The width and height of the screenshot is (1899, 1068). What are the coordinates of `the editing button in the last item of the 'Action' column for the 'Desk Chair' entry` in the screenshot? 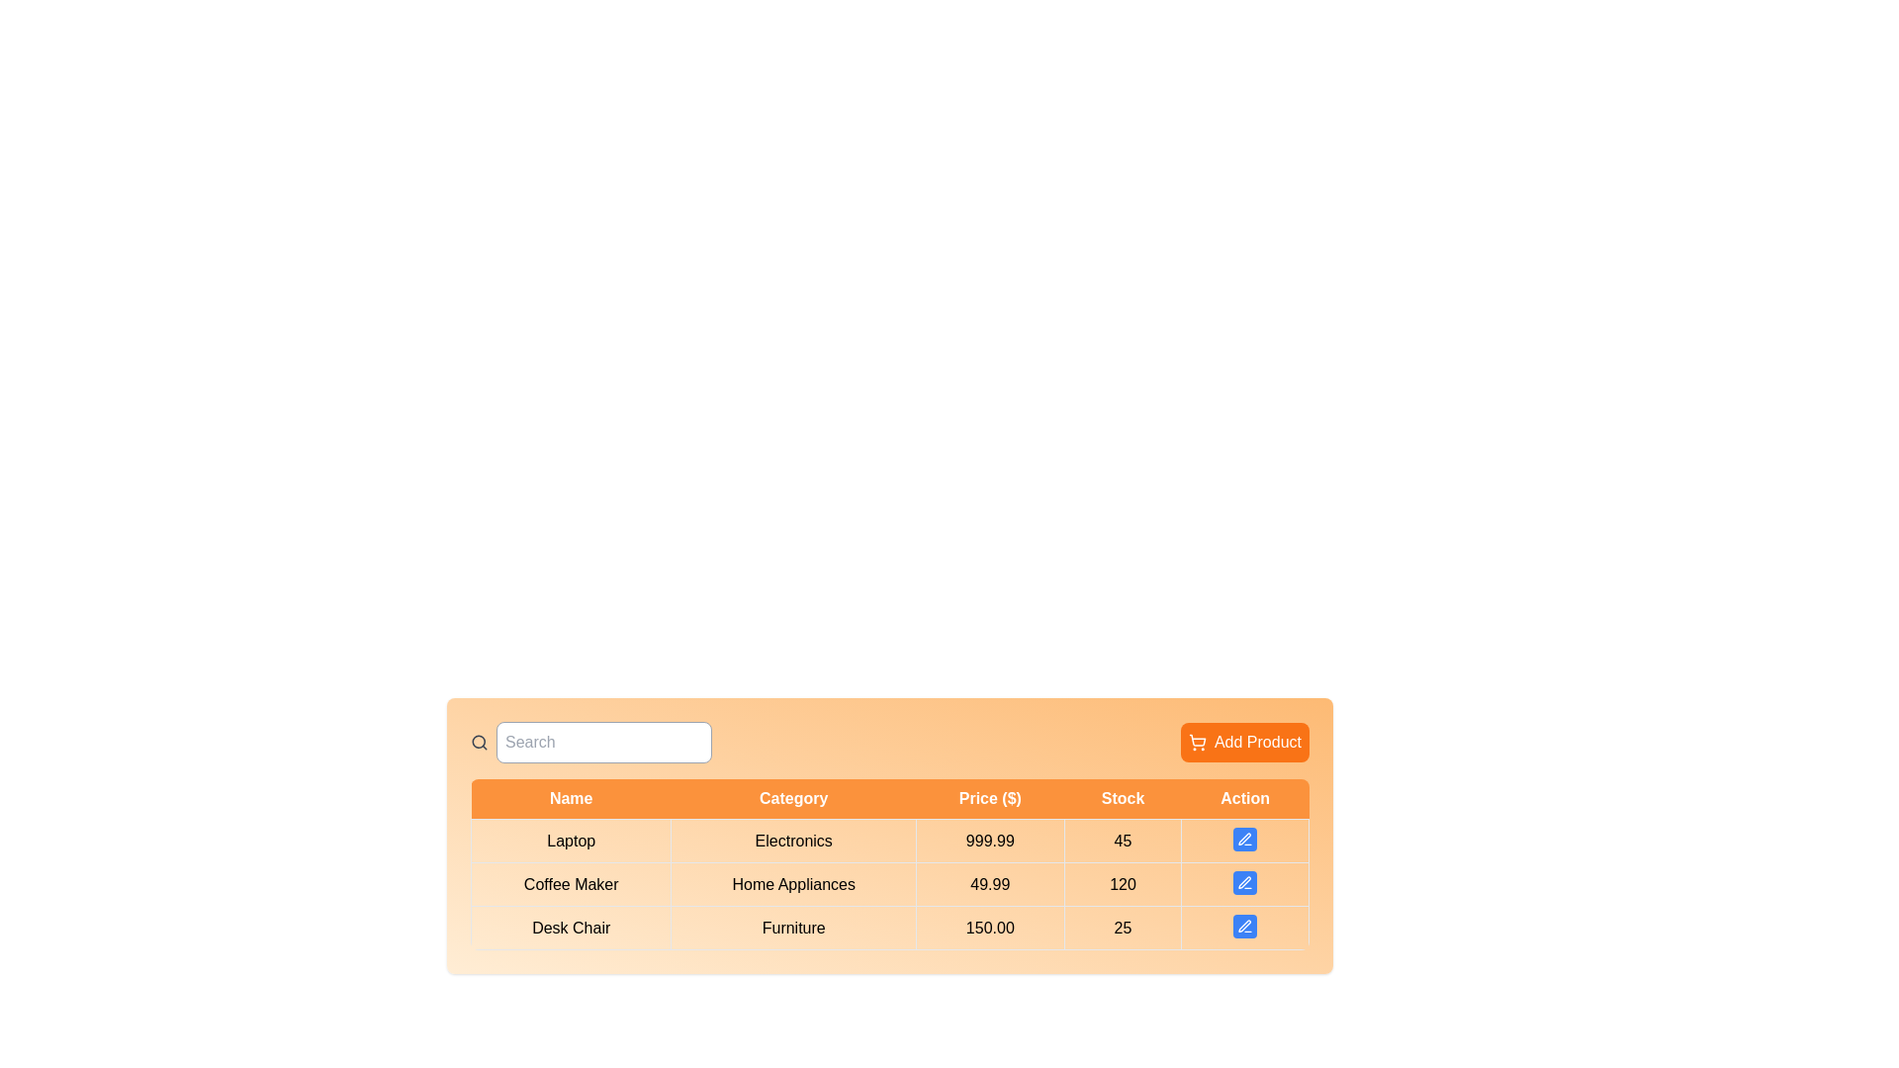 It's located at (1244, 928).